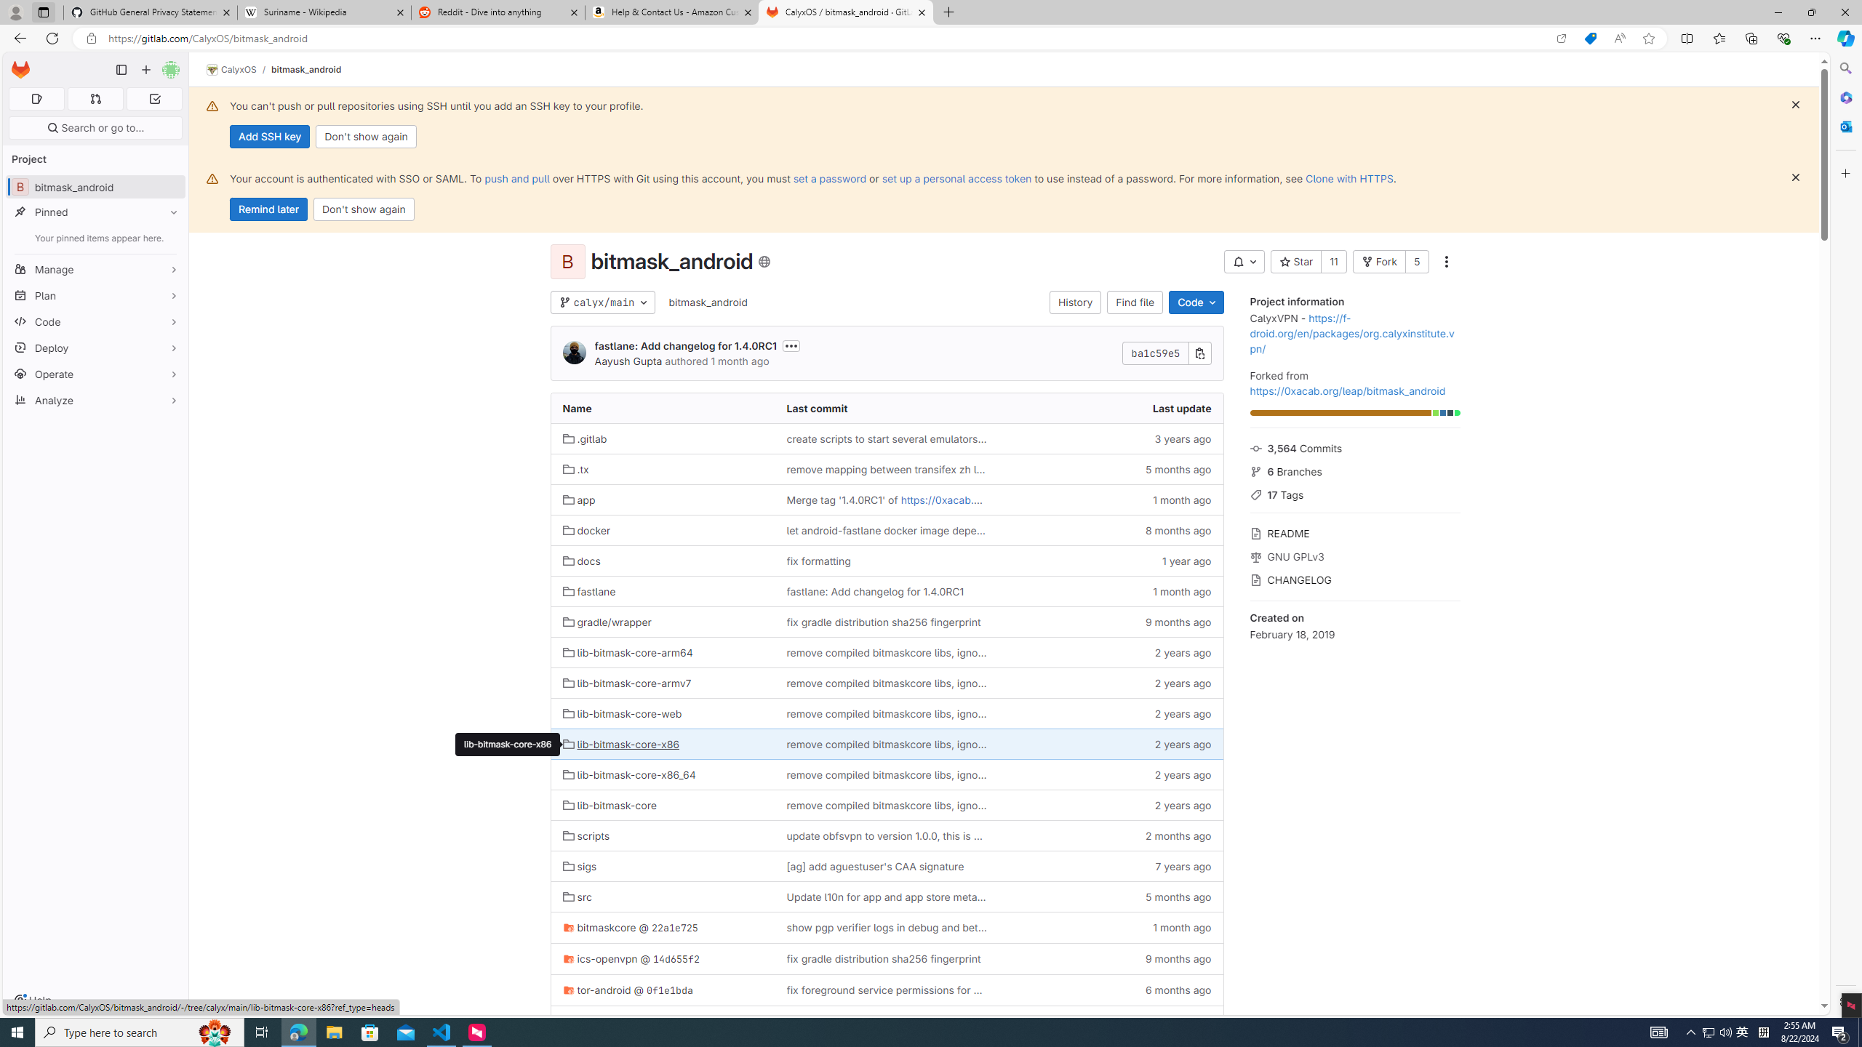  Describe the element at coordinates (238, 69) in the screenshot. I see `'CalyxOS/'` at that location.